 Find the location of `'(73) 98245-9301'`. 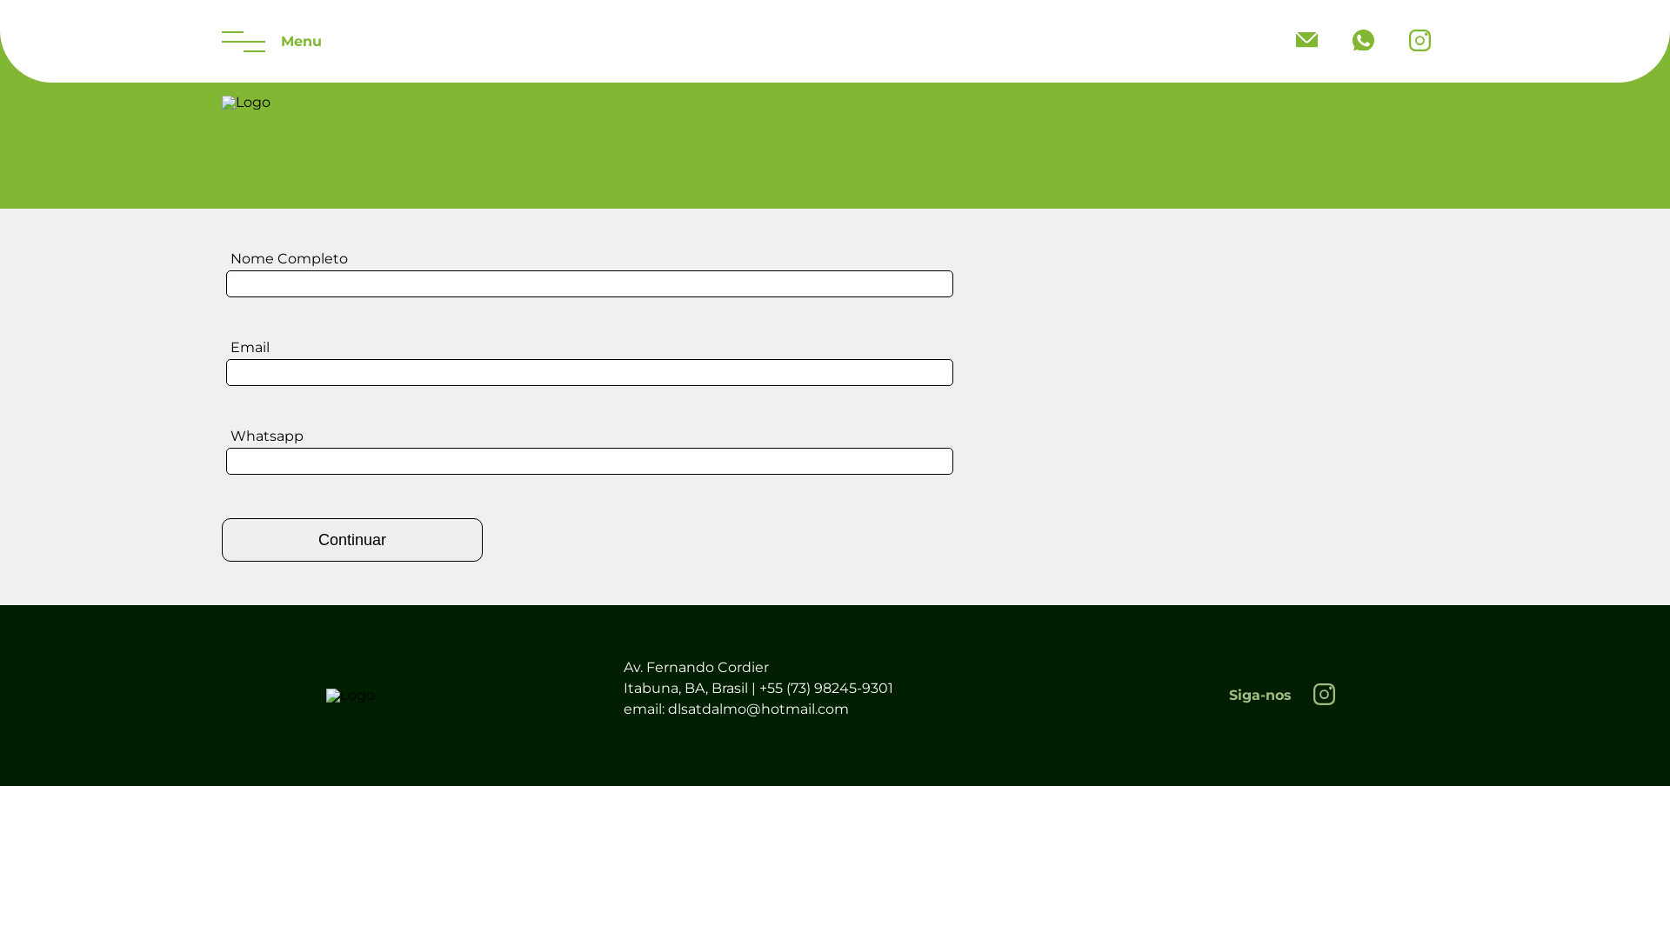

'(73) 98245-9301' is located at coordinates (1362, 40).